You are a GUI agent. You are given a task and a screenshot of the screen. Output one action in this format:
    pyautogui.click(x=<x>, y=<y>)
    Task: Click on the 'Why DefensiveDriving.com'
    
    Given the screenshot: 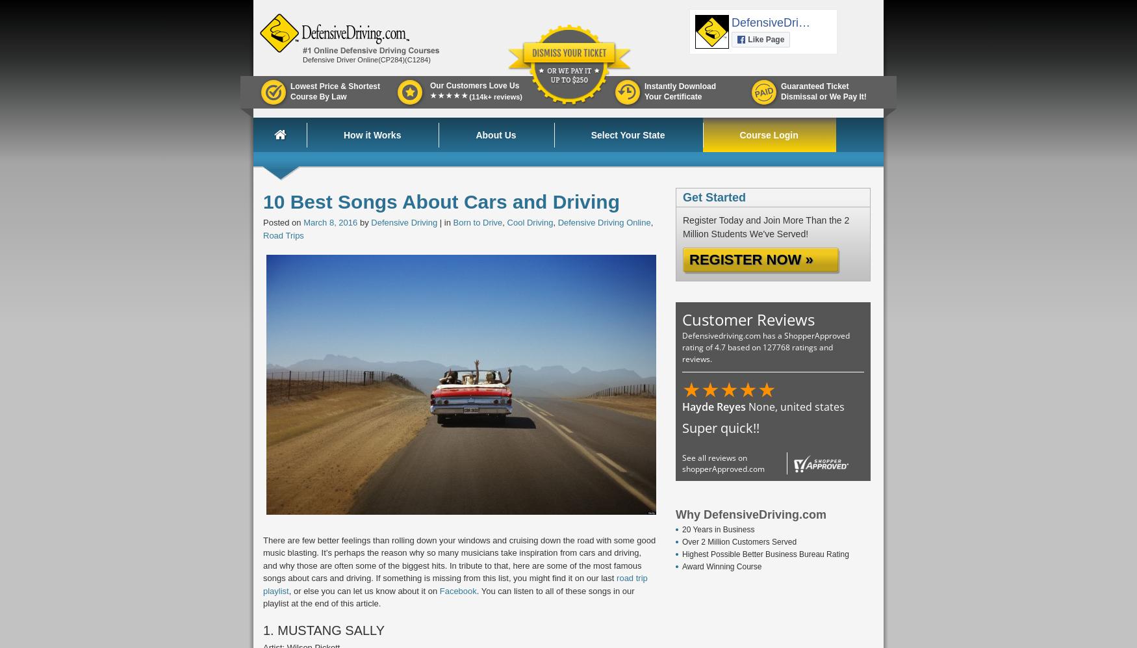 What is the action you would take?
    pyautogui.click(x=750, y=514)
    